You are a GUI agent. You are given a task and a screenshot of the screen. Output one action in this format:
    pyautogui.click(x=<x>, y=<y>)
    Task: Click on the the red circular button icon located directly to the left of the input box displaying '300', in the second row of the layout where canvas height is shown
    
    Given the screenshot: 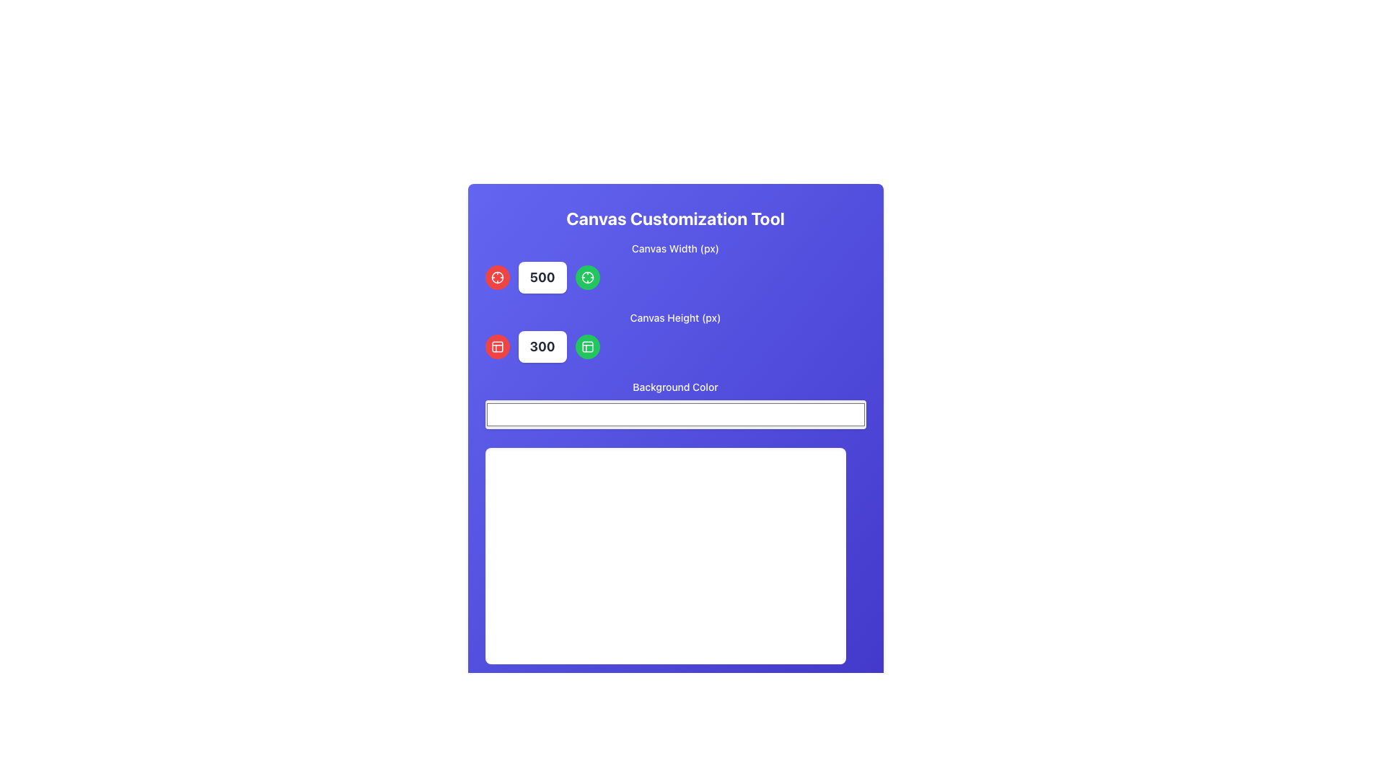 What is the action you would take?
    pyautogui.click(x=497, y=347)
    